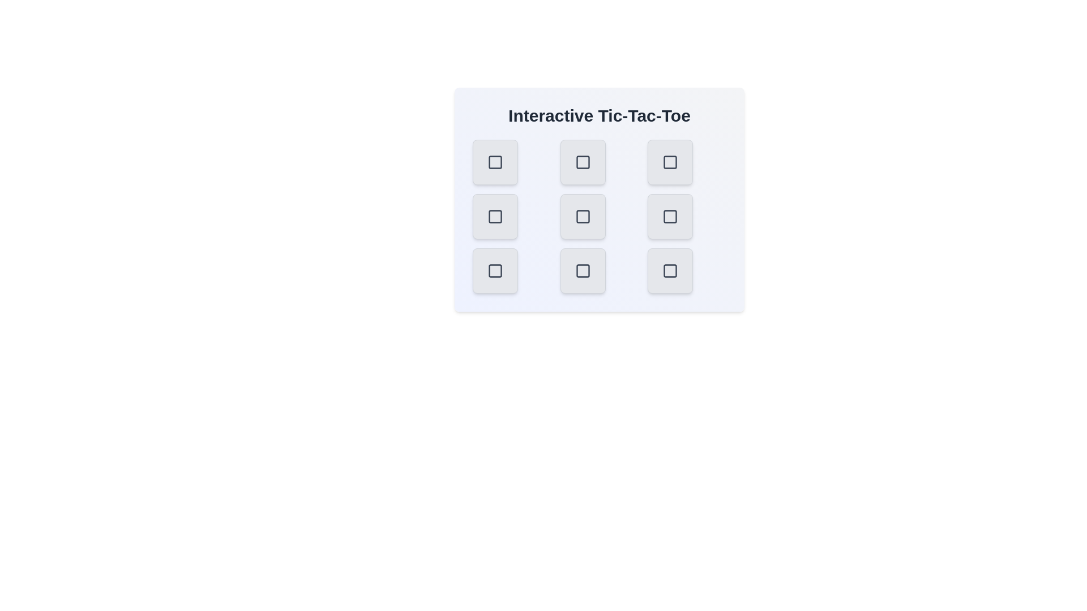  What do you see at coordinates (670, 216) in the screenshot?
I see `the button at middle-right` at bounding box center [670, 216].